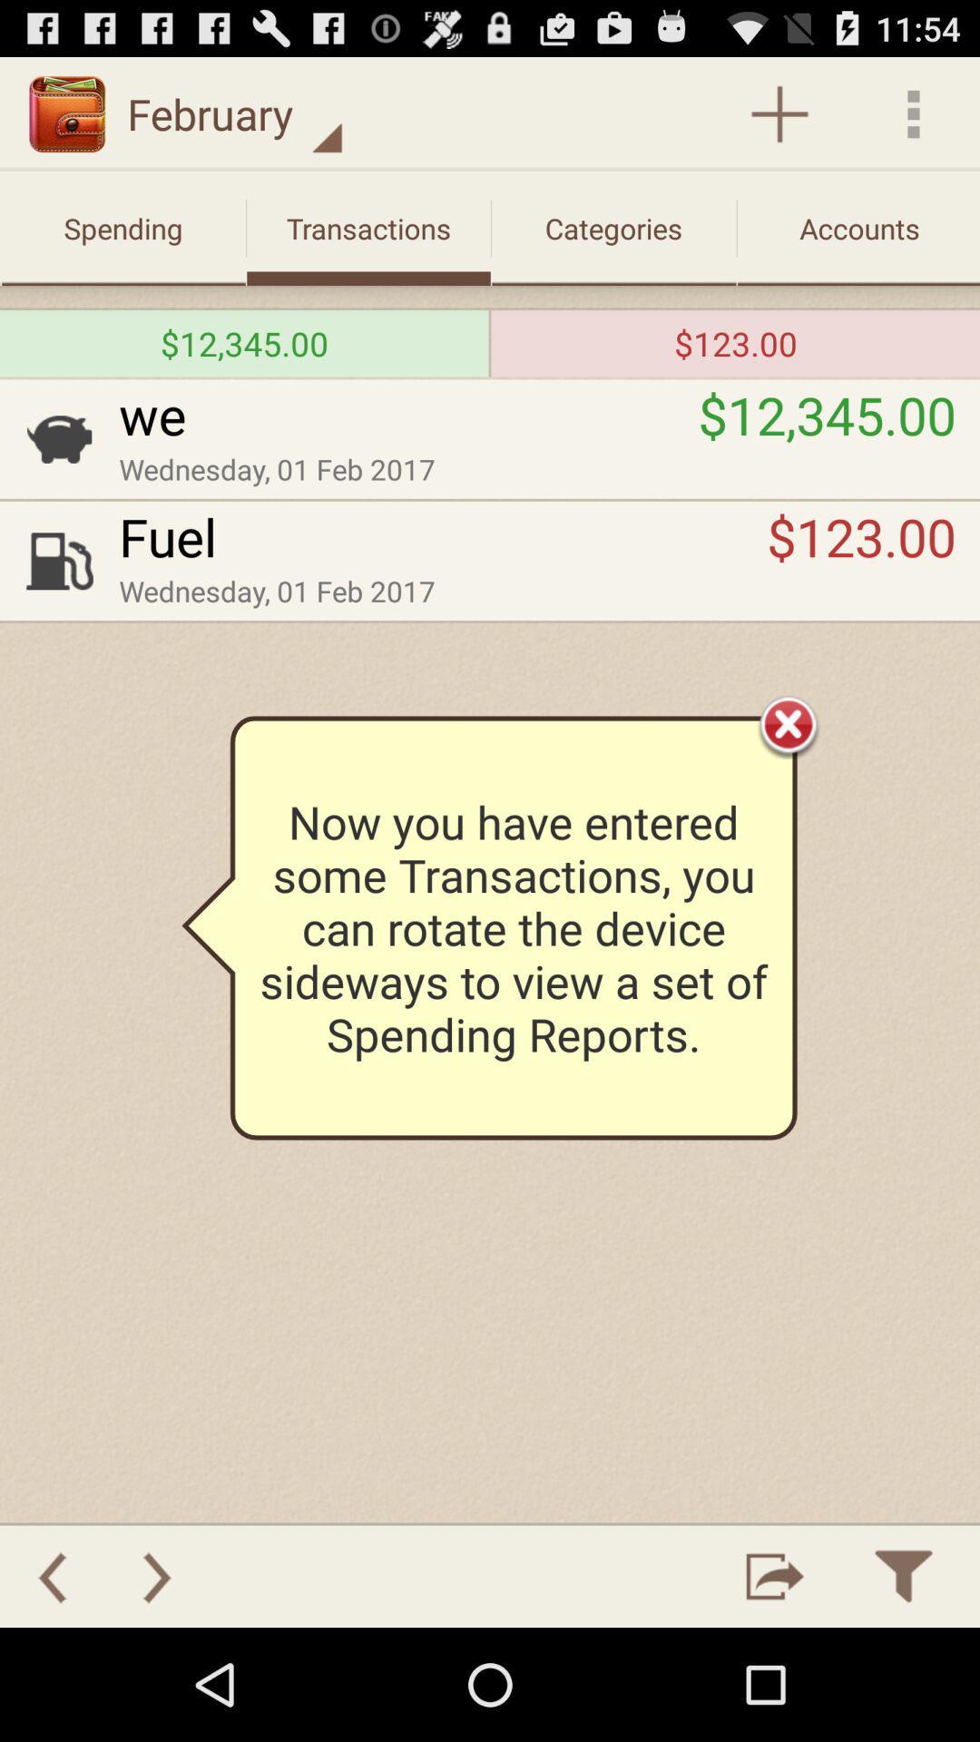 This screenshot has height=1742, width=980. Describe the element at coordinates (779, 113) in the screenshot. I see `the button to the right of the february` at that location.